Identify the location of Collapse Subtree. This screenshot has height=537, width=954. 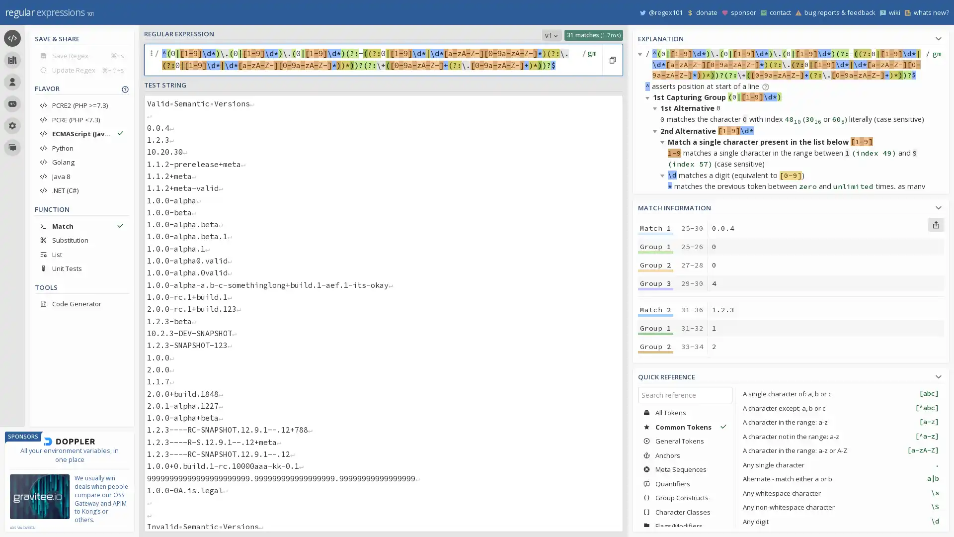
(649, 220).